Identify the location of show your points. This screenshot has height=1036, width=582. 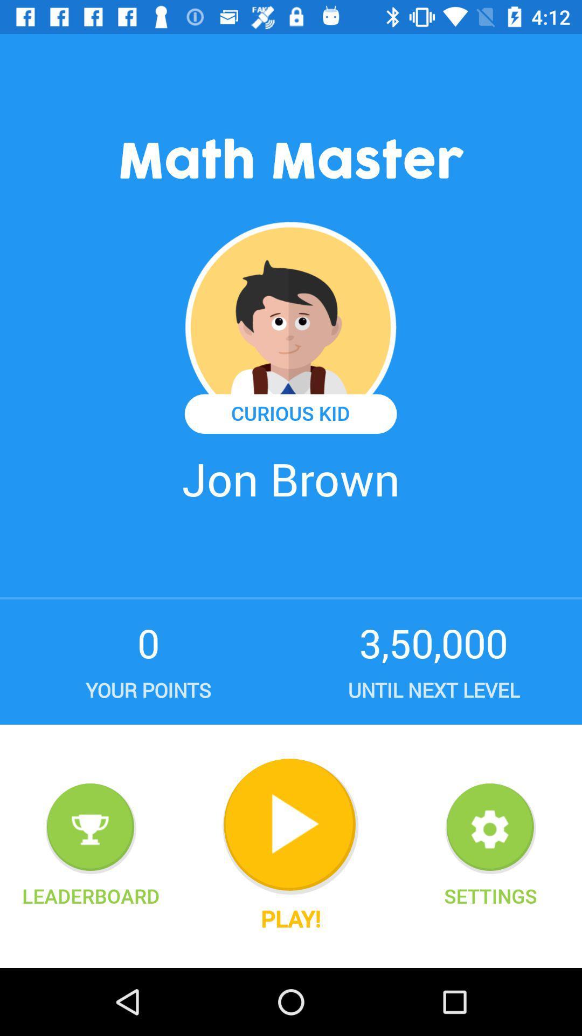
(90, 828).